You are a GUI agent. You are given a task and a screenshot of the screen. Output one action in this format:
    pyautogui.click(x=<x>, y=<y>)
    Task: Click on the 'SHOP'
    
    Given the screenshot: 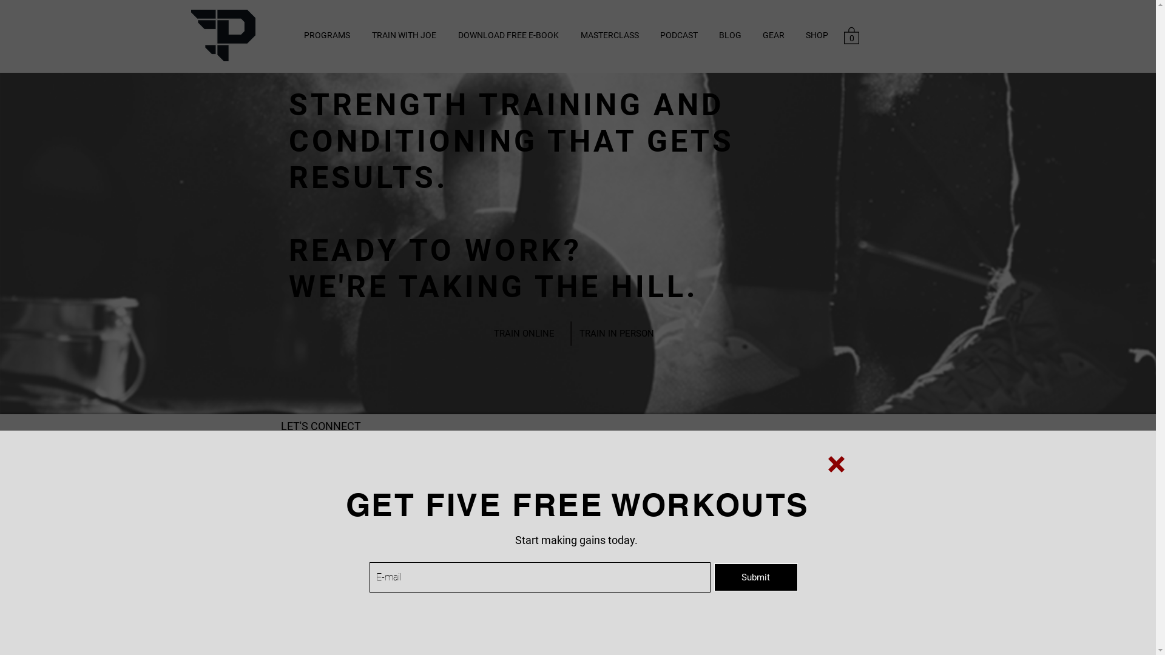 What is the action you would take?
    pyautogui.click(x=816, y=35)
    